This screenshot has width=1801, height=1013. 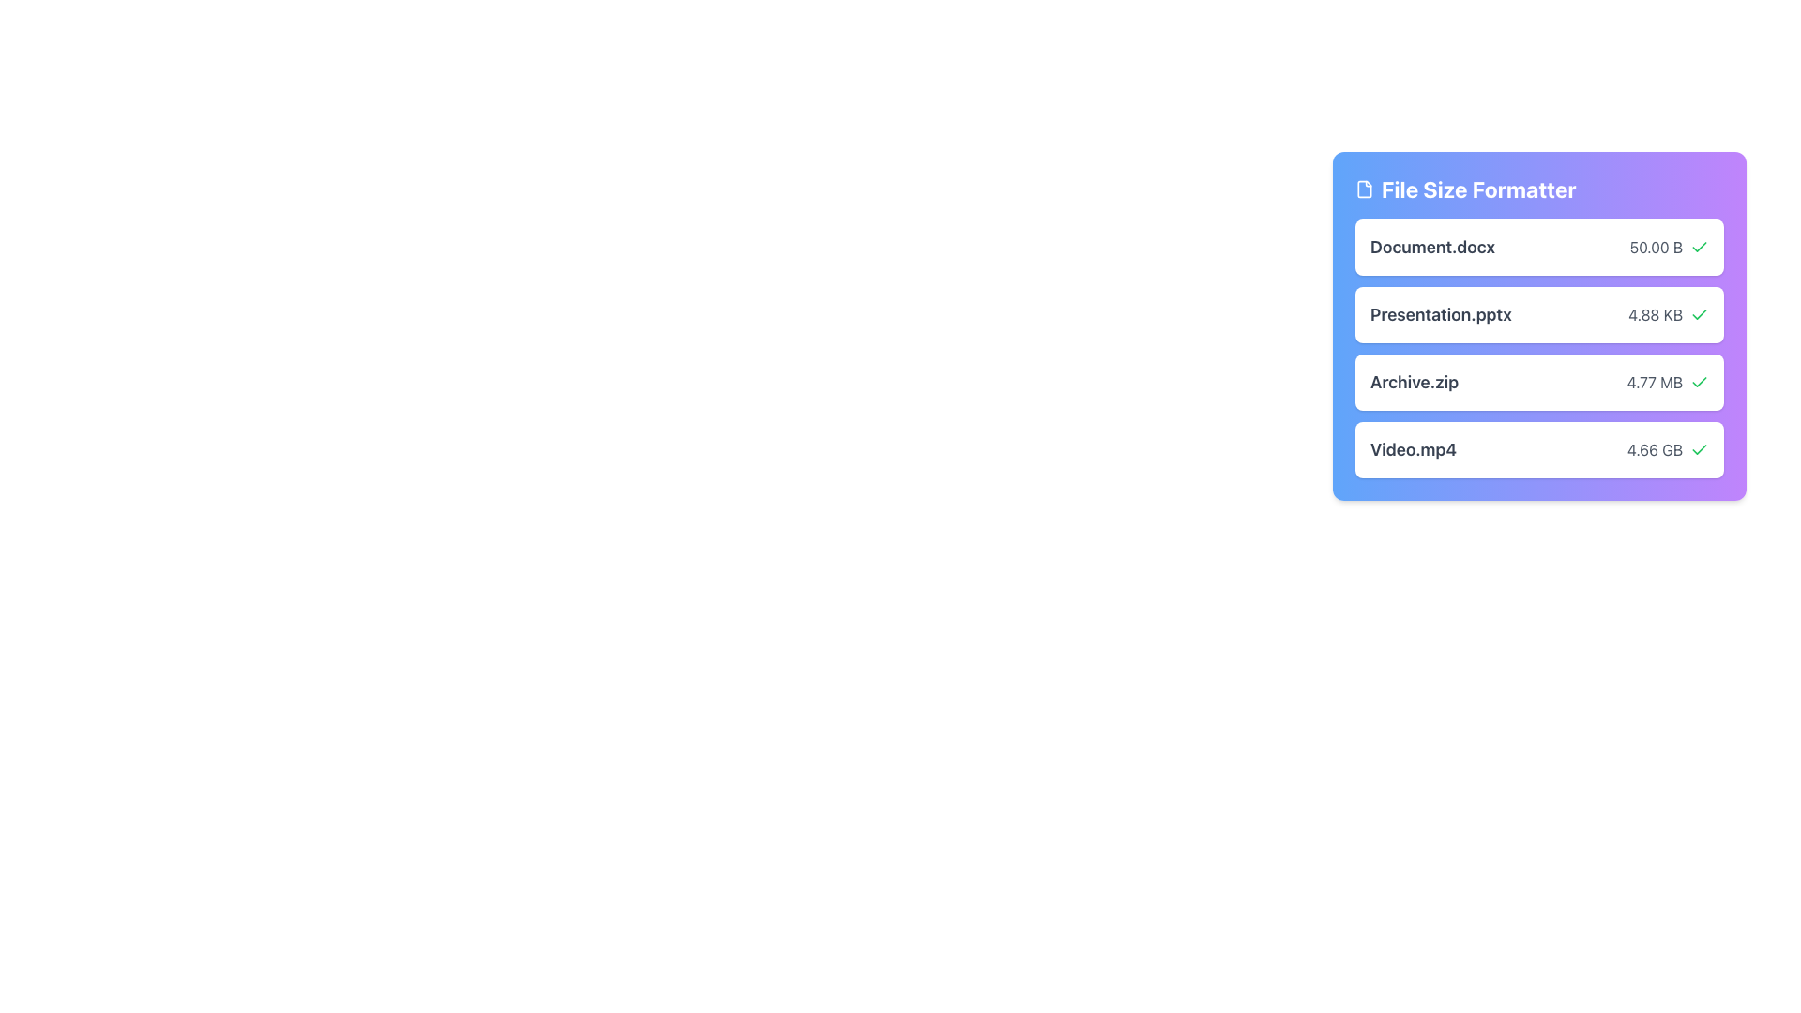 What do you see at coordinates (1699, 449) in the screenshot?
I see `the green checkmark icon located to the right of the text '4.66 GB' in the file list display for the file 'Video.mp4' to visually recognize its status` at bounding box center [1699, 449].